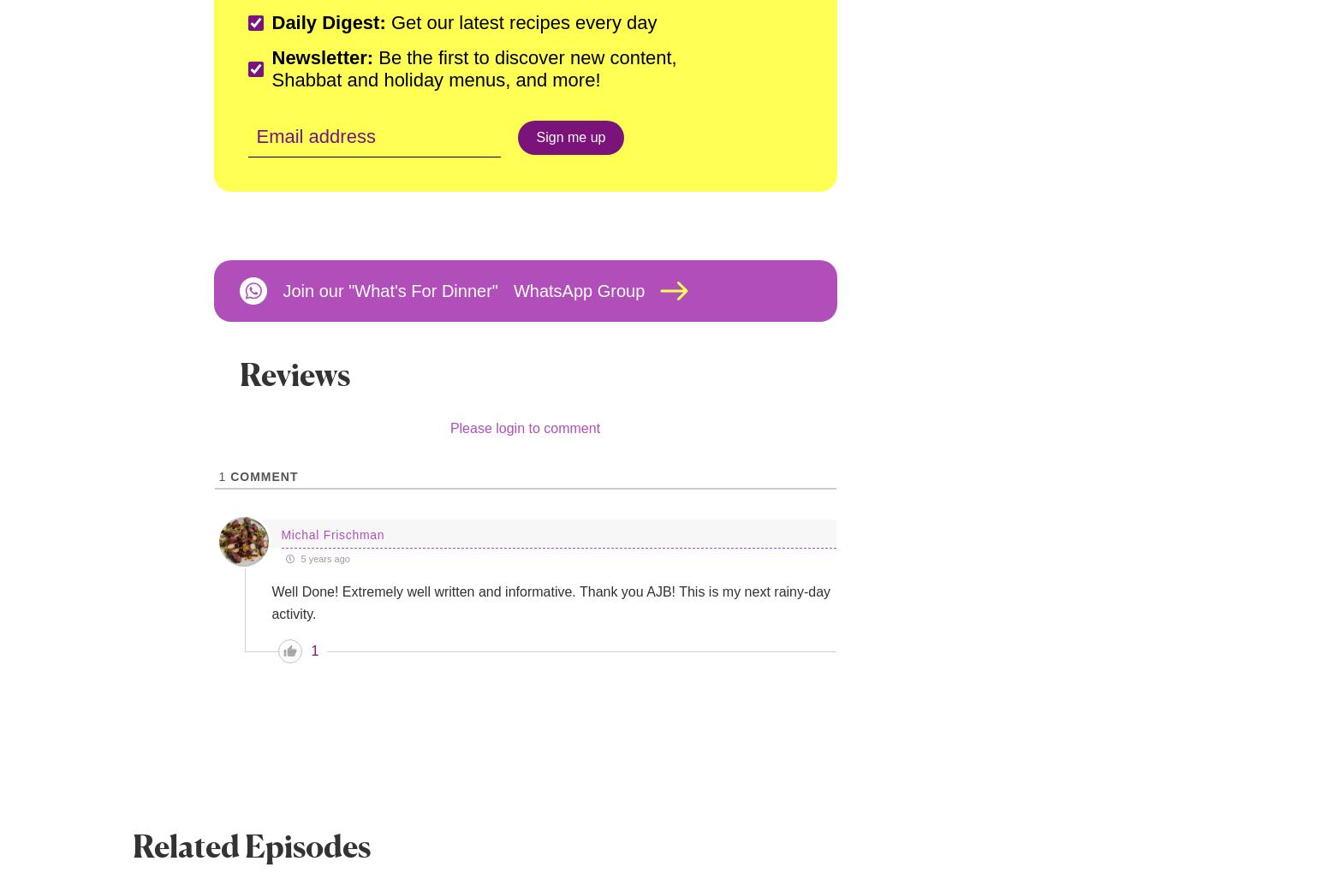  I want to click on 'Daily Digest:', so click(327, 22).